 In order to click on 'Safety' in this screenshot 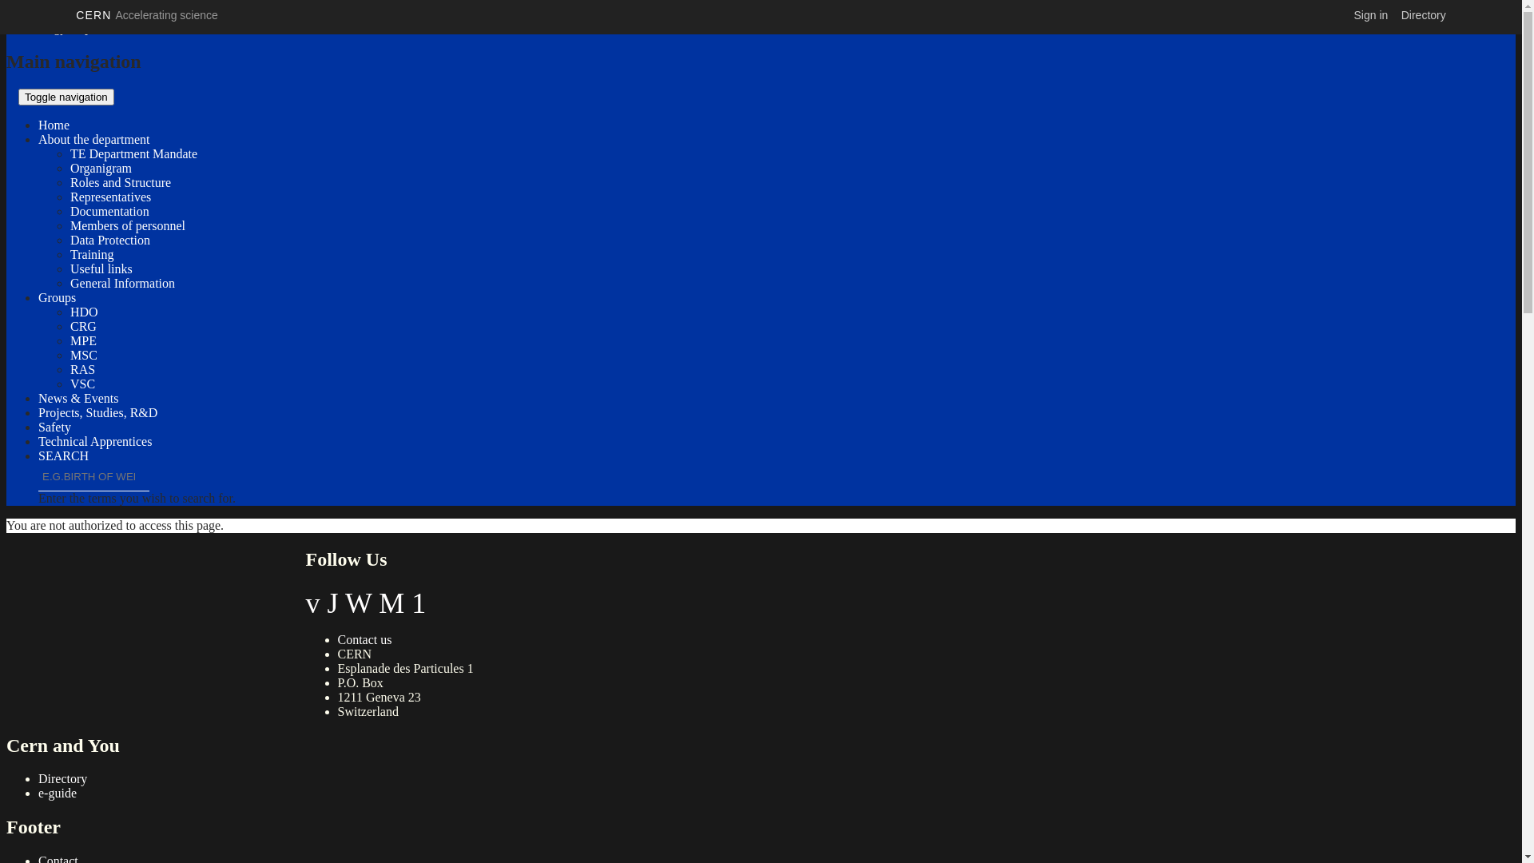, I will do `click(38, 426)`.